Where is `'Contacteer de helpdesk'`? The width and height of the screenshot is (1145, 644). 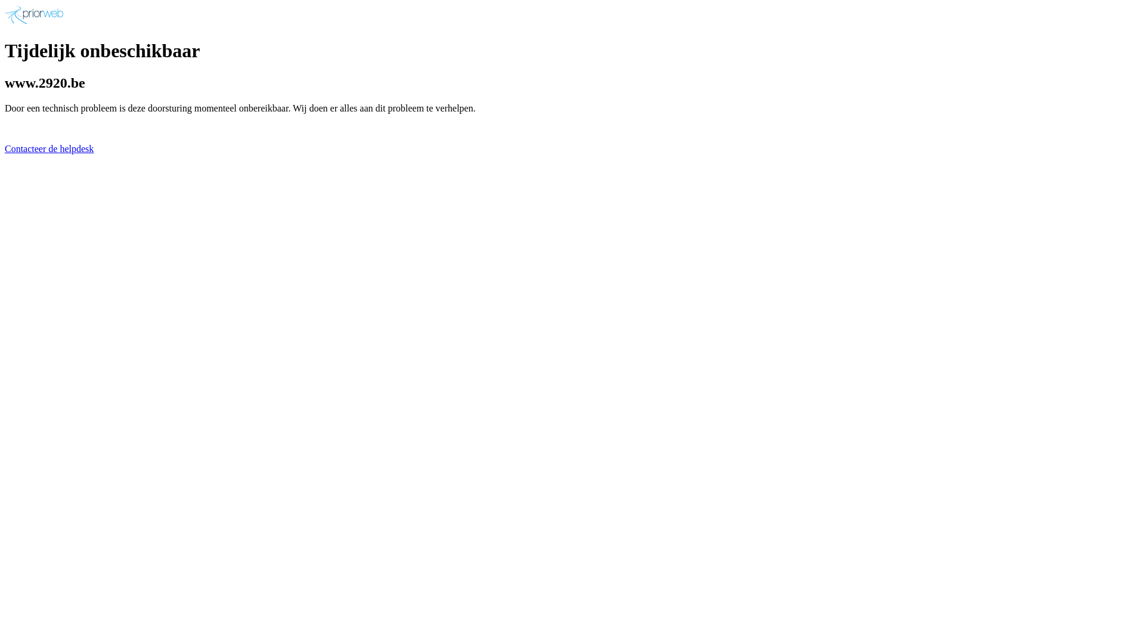
'Contacteer de helpdesk' is located at coordinates (48, 148).